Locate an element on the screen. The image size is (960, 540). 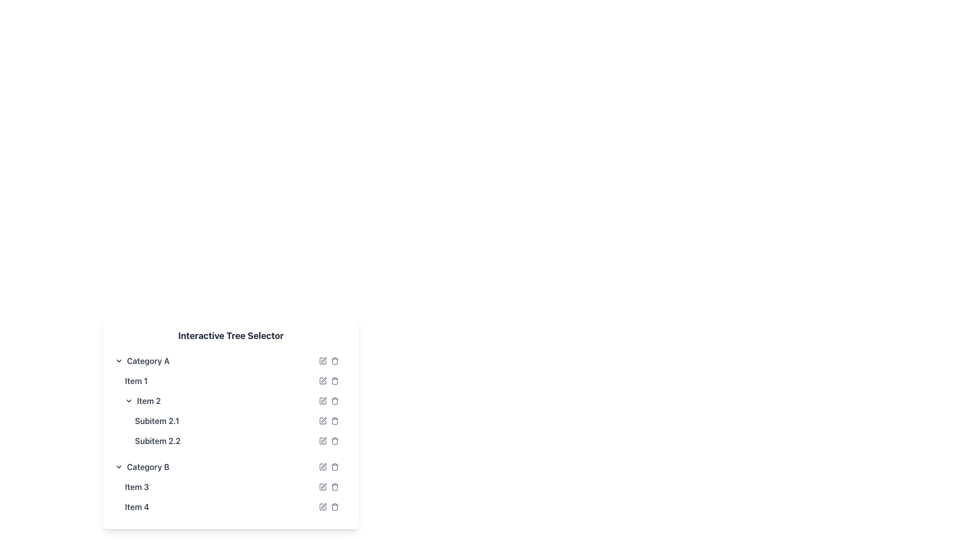
the delete icon, which is the fourth icon in a horizontal sequence next to the label 'Category A', represented by a trash bin symbol is located at coordinates (335, 360).